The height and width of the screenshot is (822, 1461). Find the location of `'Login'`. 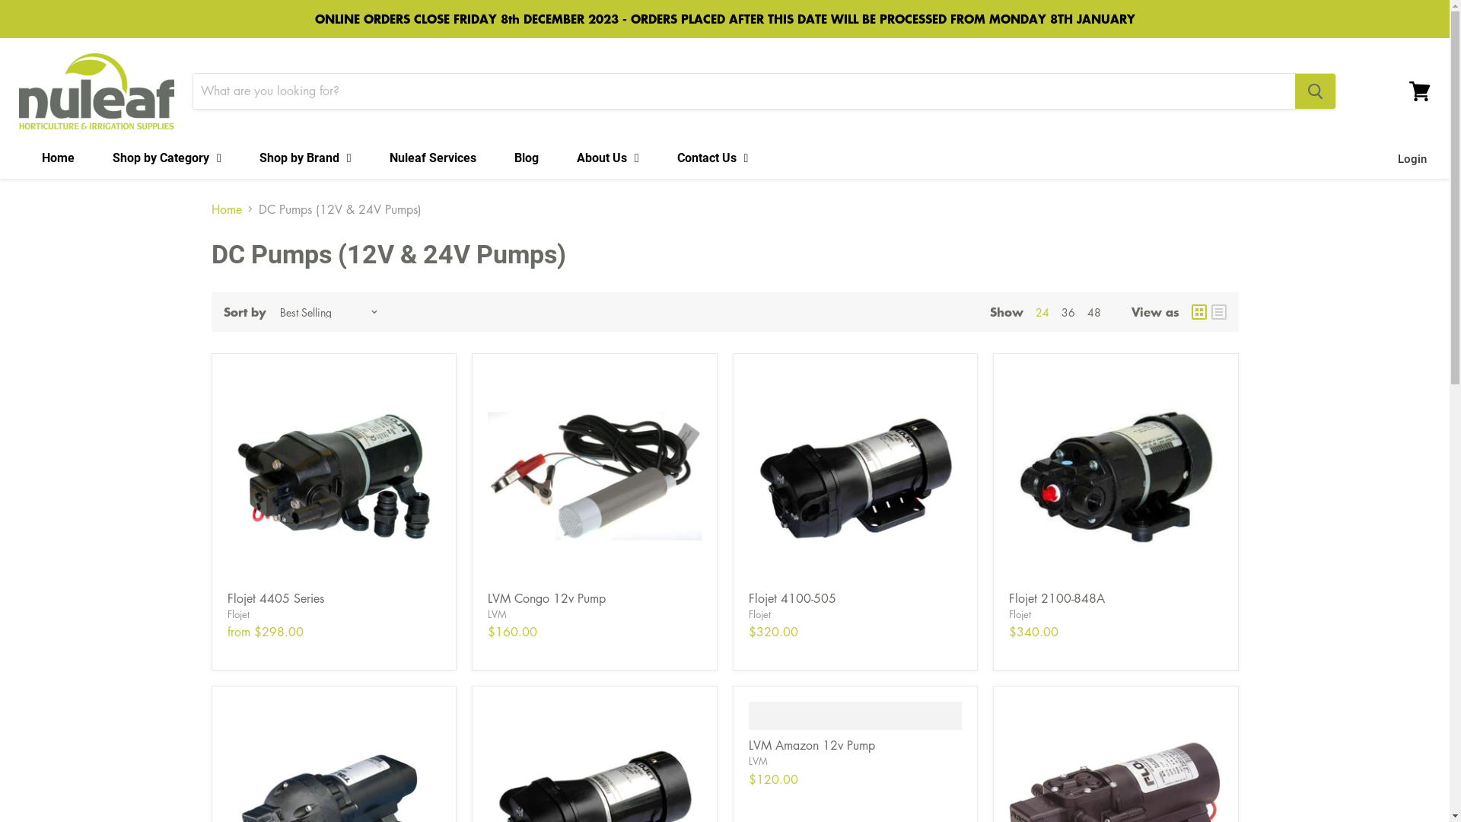

'Login' is located at coordinates (1412, 158).